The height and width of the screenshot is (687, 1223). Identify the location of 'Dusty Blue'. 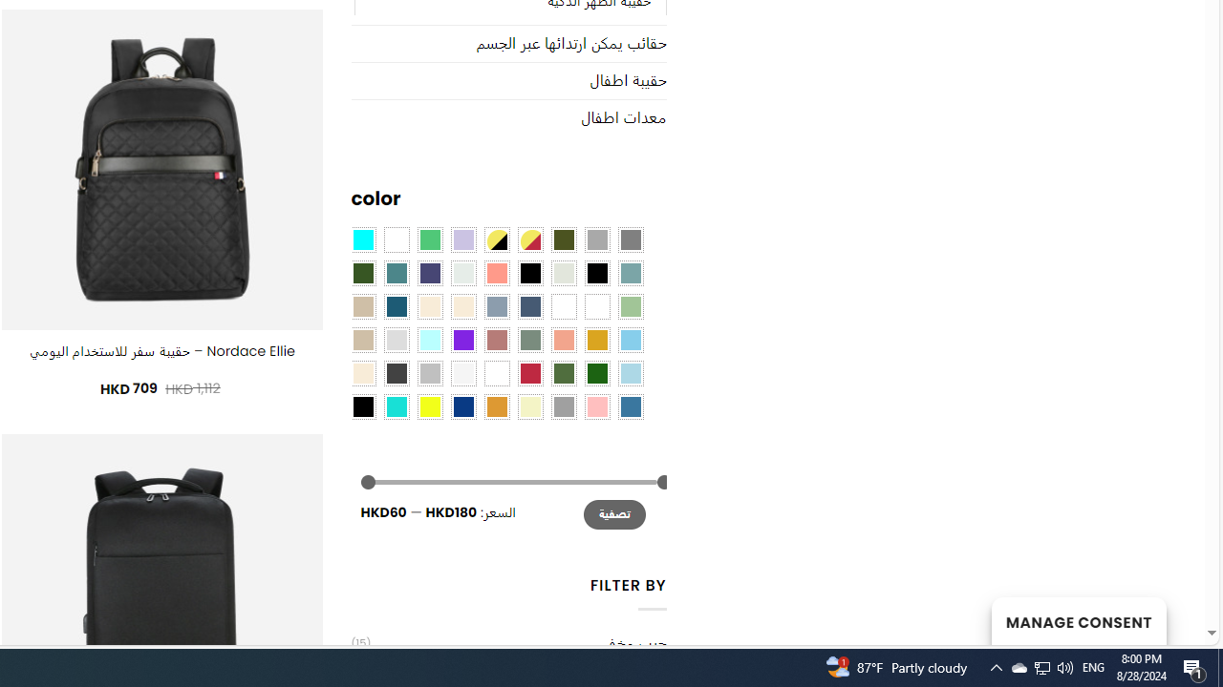
(496, 305).